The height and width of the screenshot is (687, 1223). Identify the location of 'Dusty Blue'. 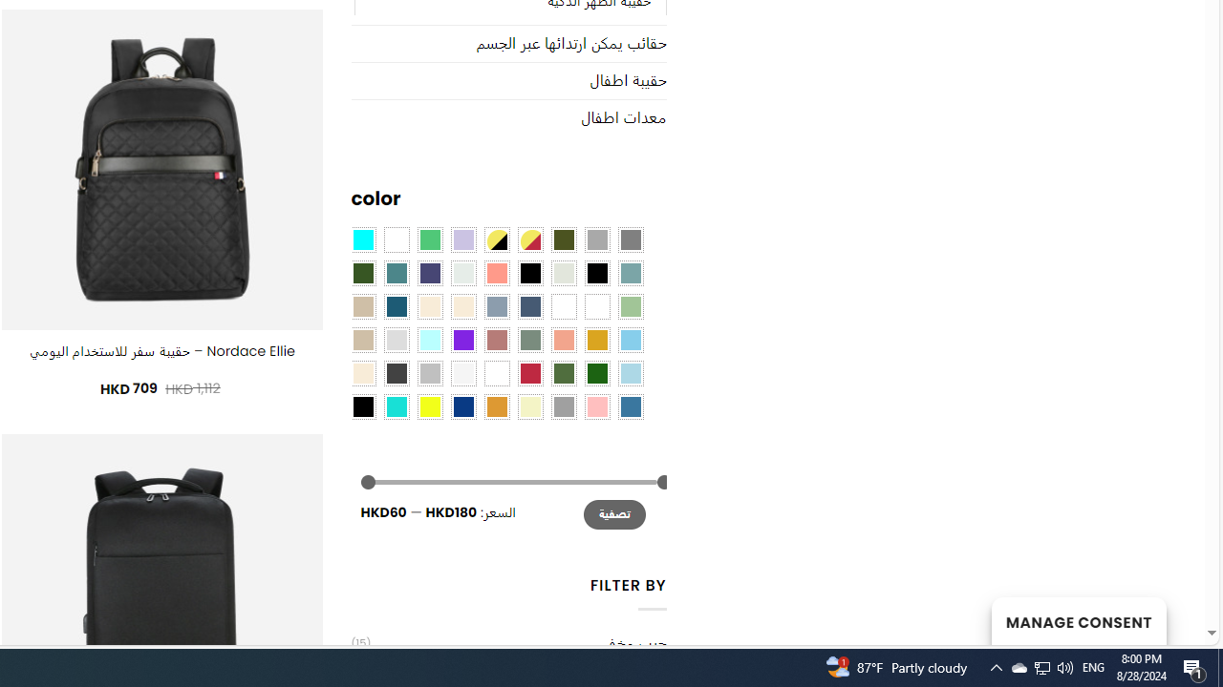
(496, 305).